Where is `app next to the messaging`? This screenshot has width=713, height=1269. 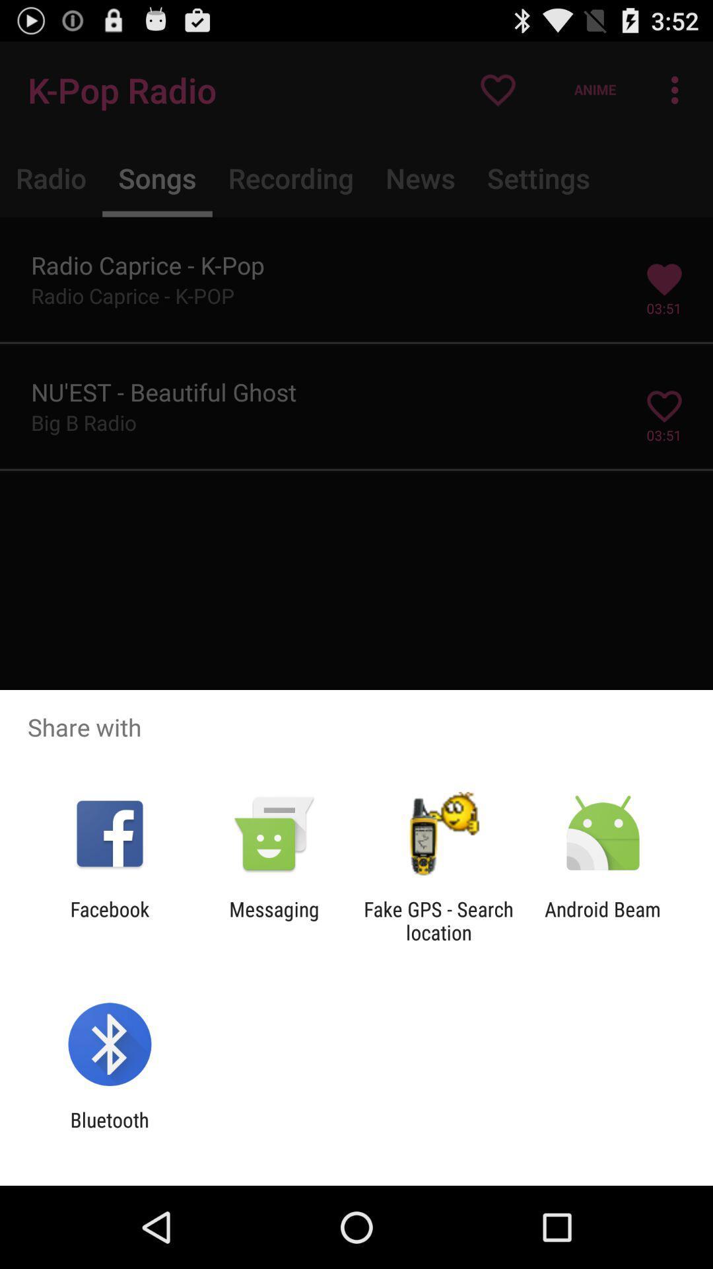 app next to the messaging is located at coordinates (438, 920).